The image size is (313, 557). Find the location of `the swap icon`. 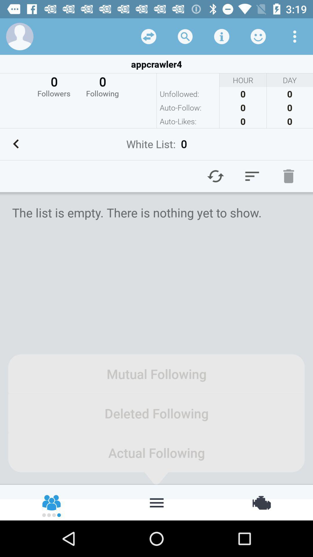

the swap icon is located at coordinates (261, 502).